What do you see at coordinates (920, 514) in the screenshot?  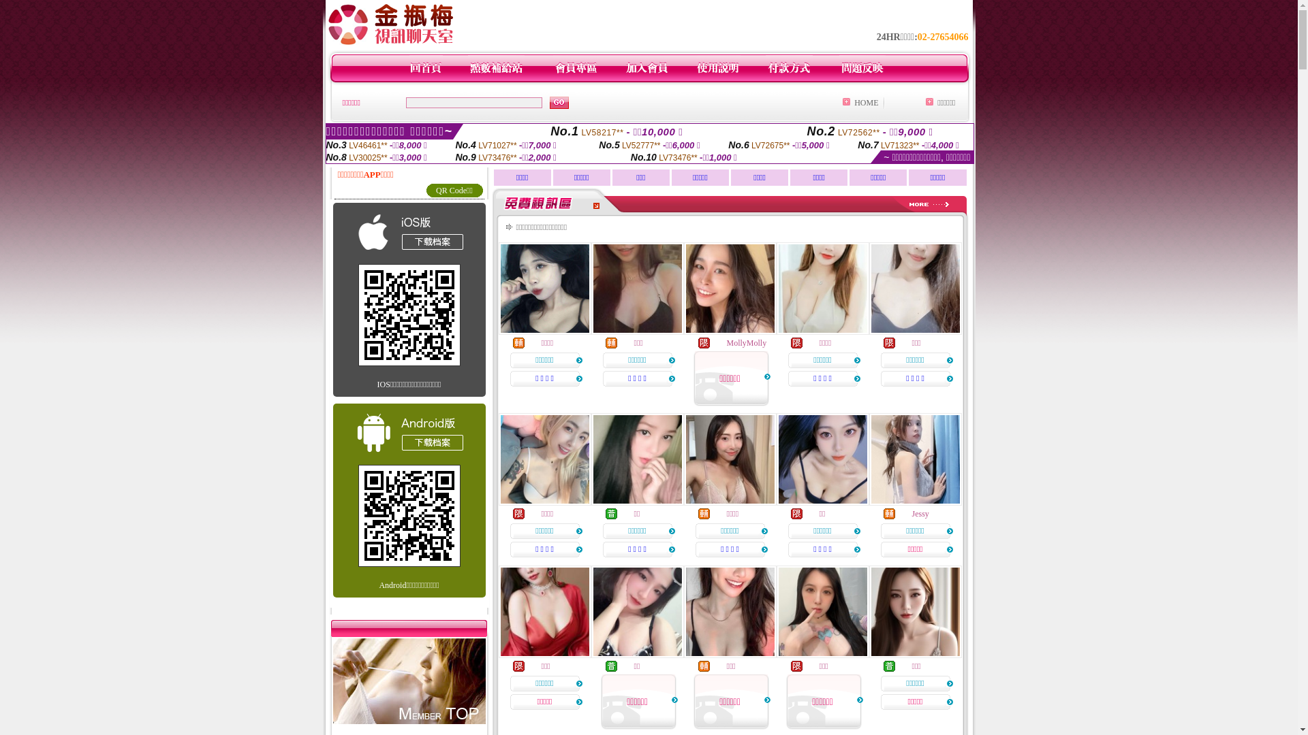 I see `'Jessy'` at bounding box center [920, 514].